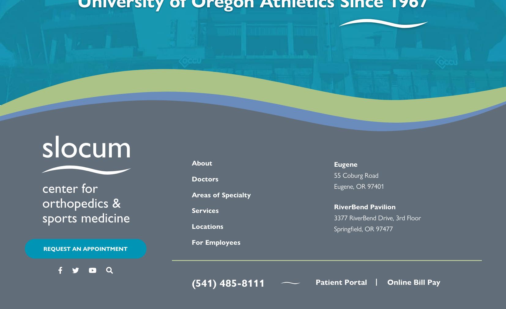  What do you see at coordinates (205, 178) in the screenshot?
I see `'Doctors'` at bounding box center [205, 178].